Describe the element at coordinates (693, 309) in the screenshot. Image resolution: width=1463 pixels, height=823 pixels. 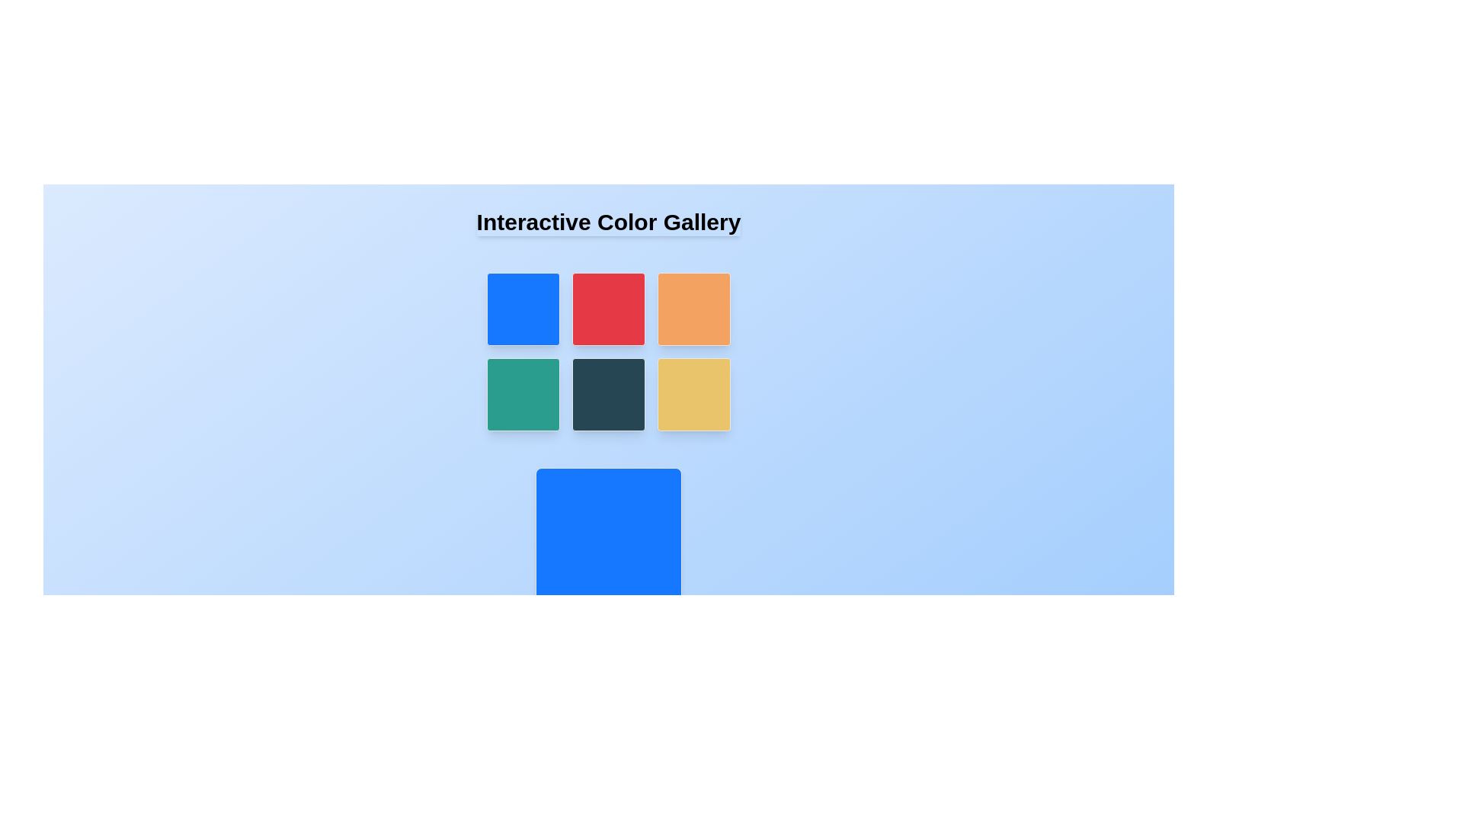
I see `the interactive square button with an orange background located in the top-right corner of the grid layout` at that location.